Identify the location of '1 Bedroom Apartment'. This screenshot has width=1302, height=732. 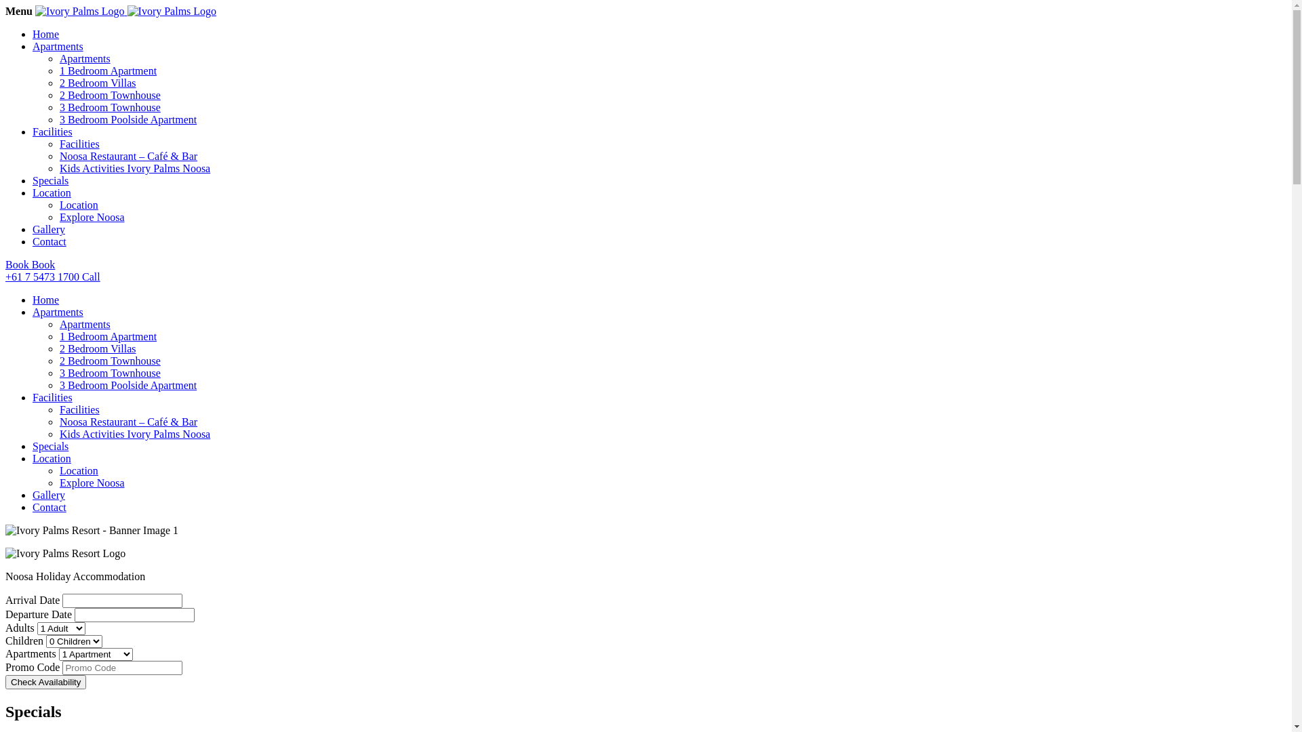
(107, 70).